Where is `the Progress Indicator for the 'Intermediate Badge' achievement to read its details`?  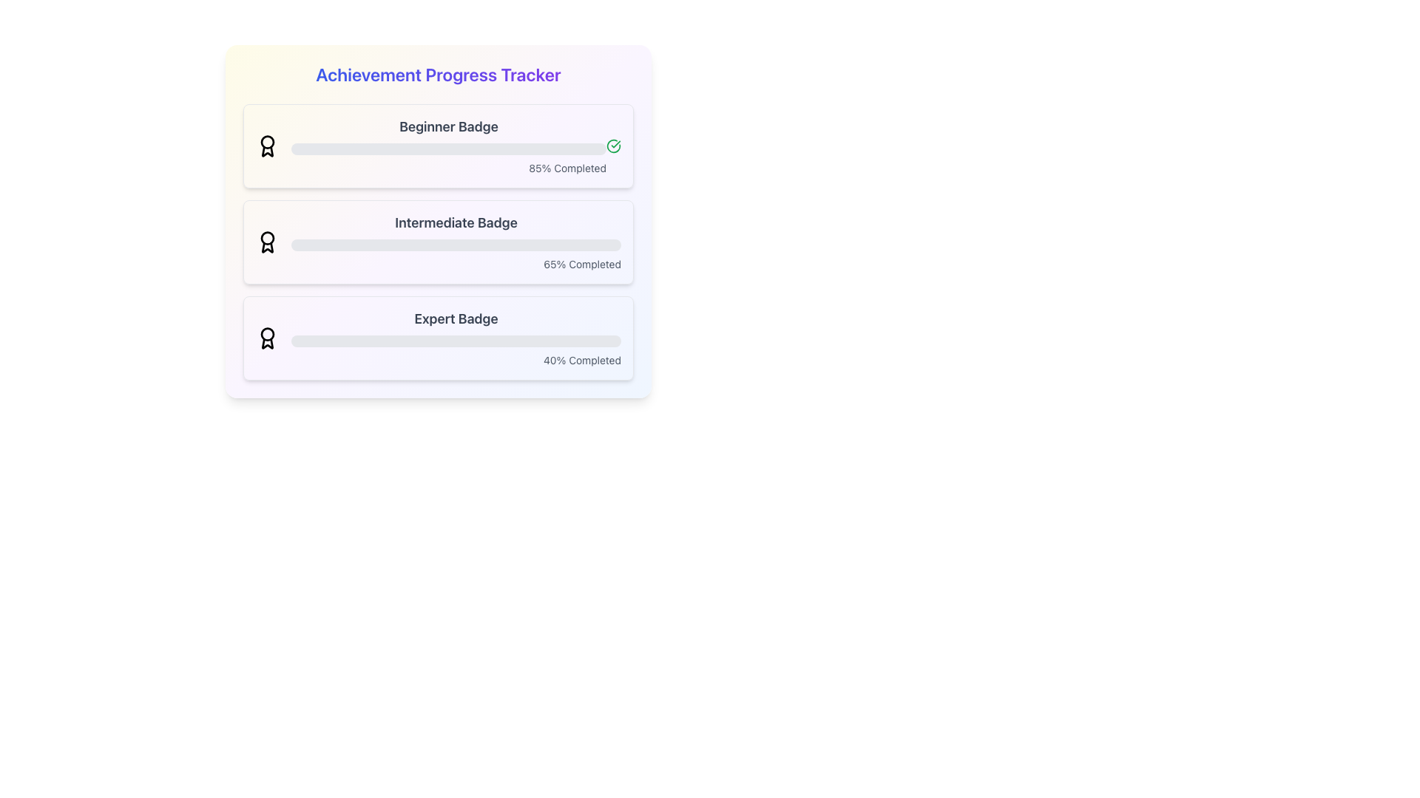 the Progress Indicator for the 'Intermediate Badge' achievement to read its details is located at coordinates (456, 241).